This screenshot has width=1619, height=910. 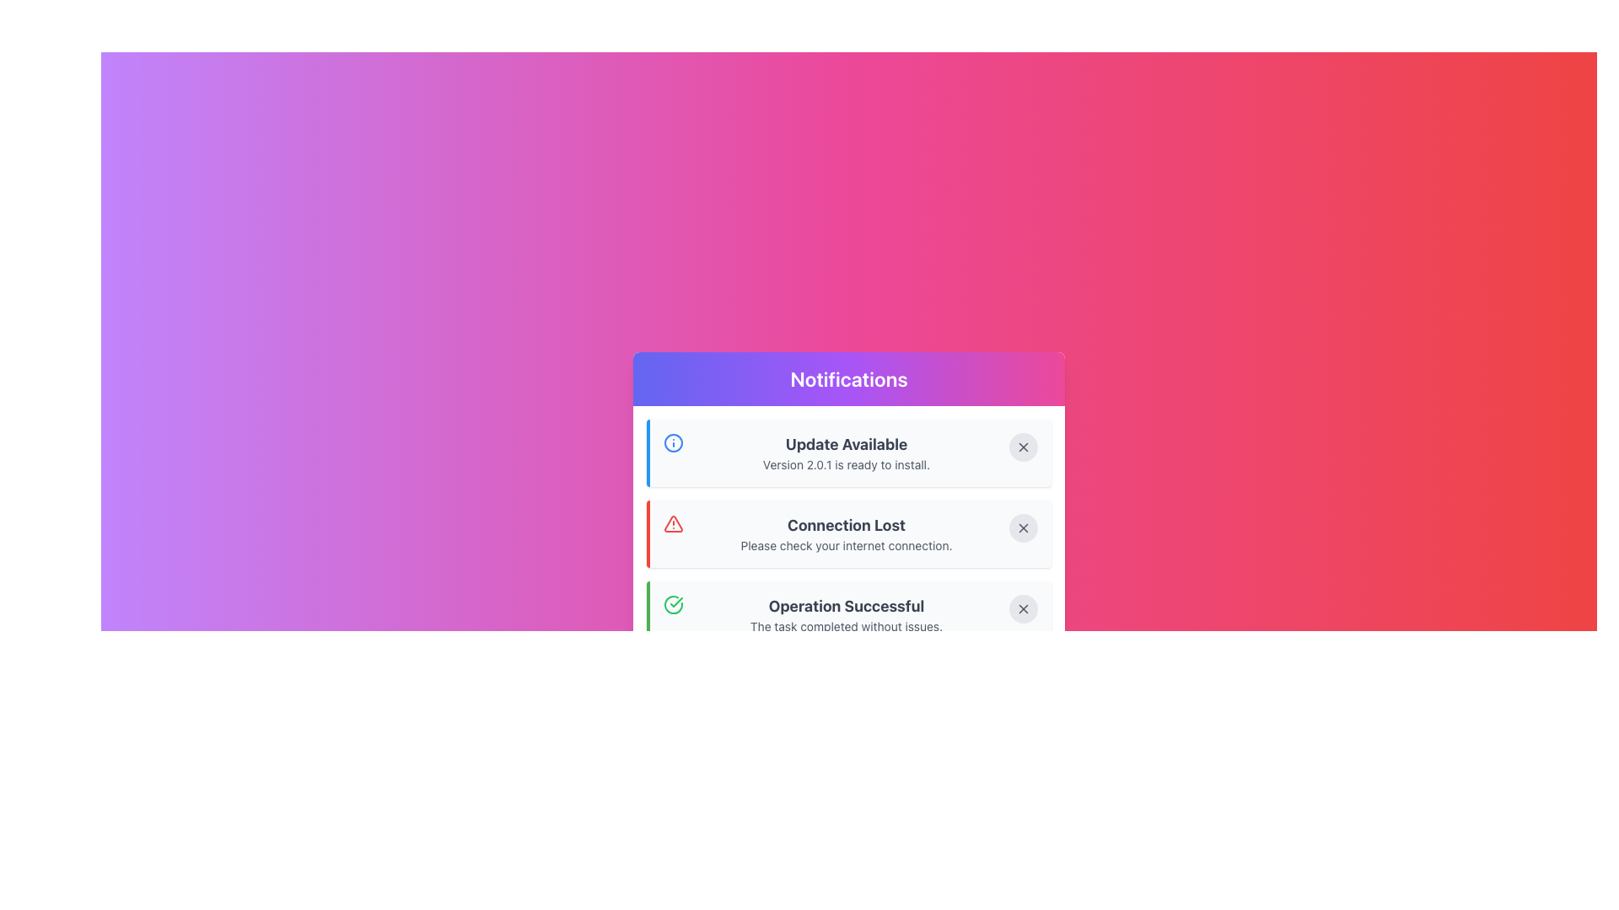 I want to click on the non-interactive success icon located in the lower section of the notification panel, to the far left of the 'Operation Successful' message, so click(x=672, y=603).